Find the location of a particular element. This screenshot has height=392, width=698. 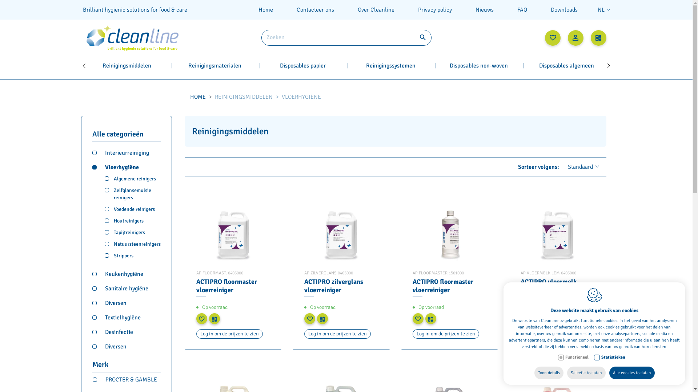

'Interieurreiniging' is located at coordinates (126, 149).